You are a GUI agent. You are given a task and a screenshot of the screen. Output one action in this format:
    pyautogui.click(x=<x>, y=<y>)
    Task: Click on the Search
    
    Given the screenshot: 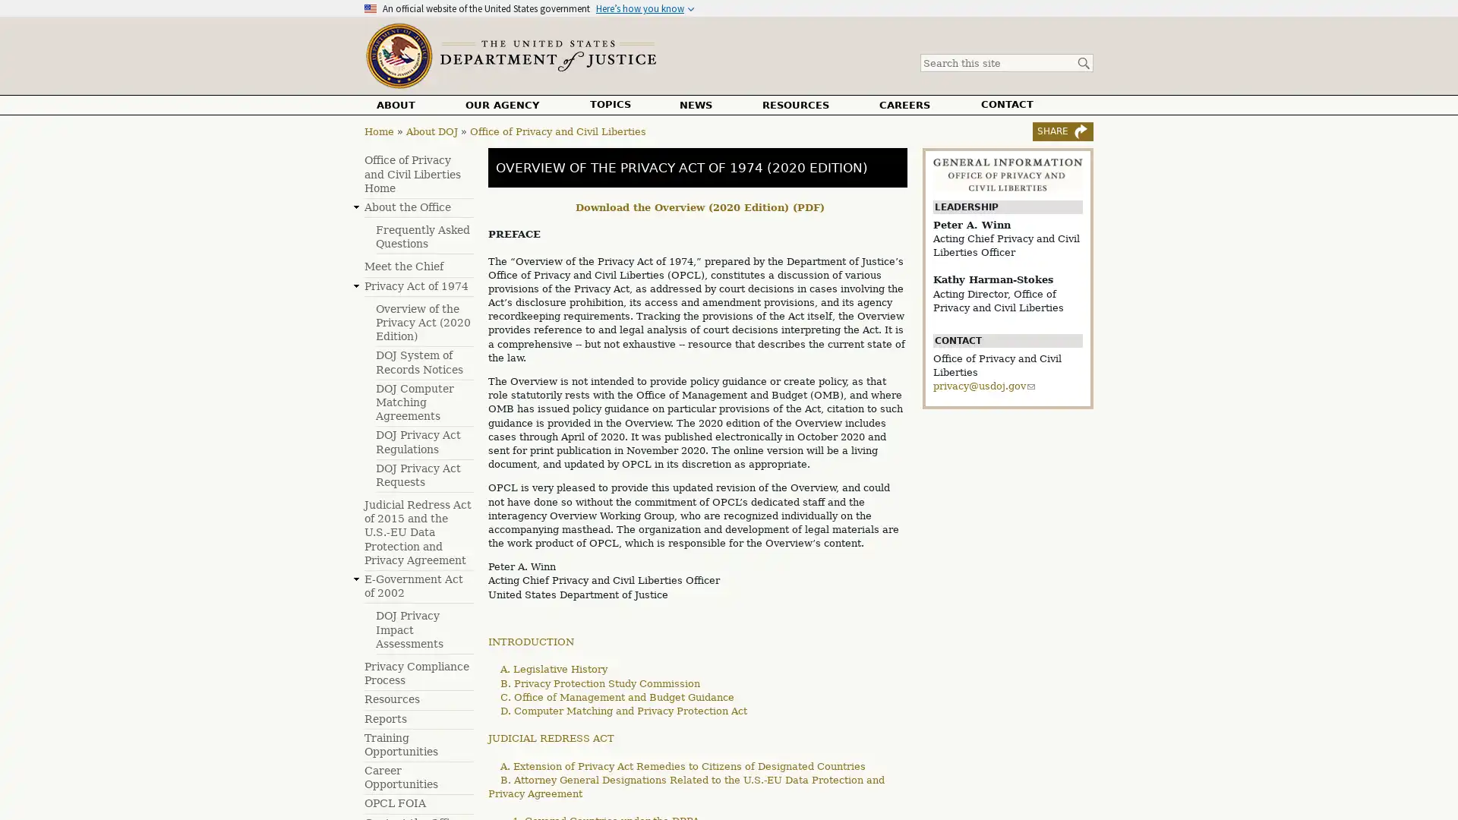 What is the action you would take?
    pyautogui.click(x=1082, y=63)
    